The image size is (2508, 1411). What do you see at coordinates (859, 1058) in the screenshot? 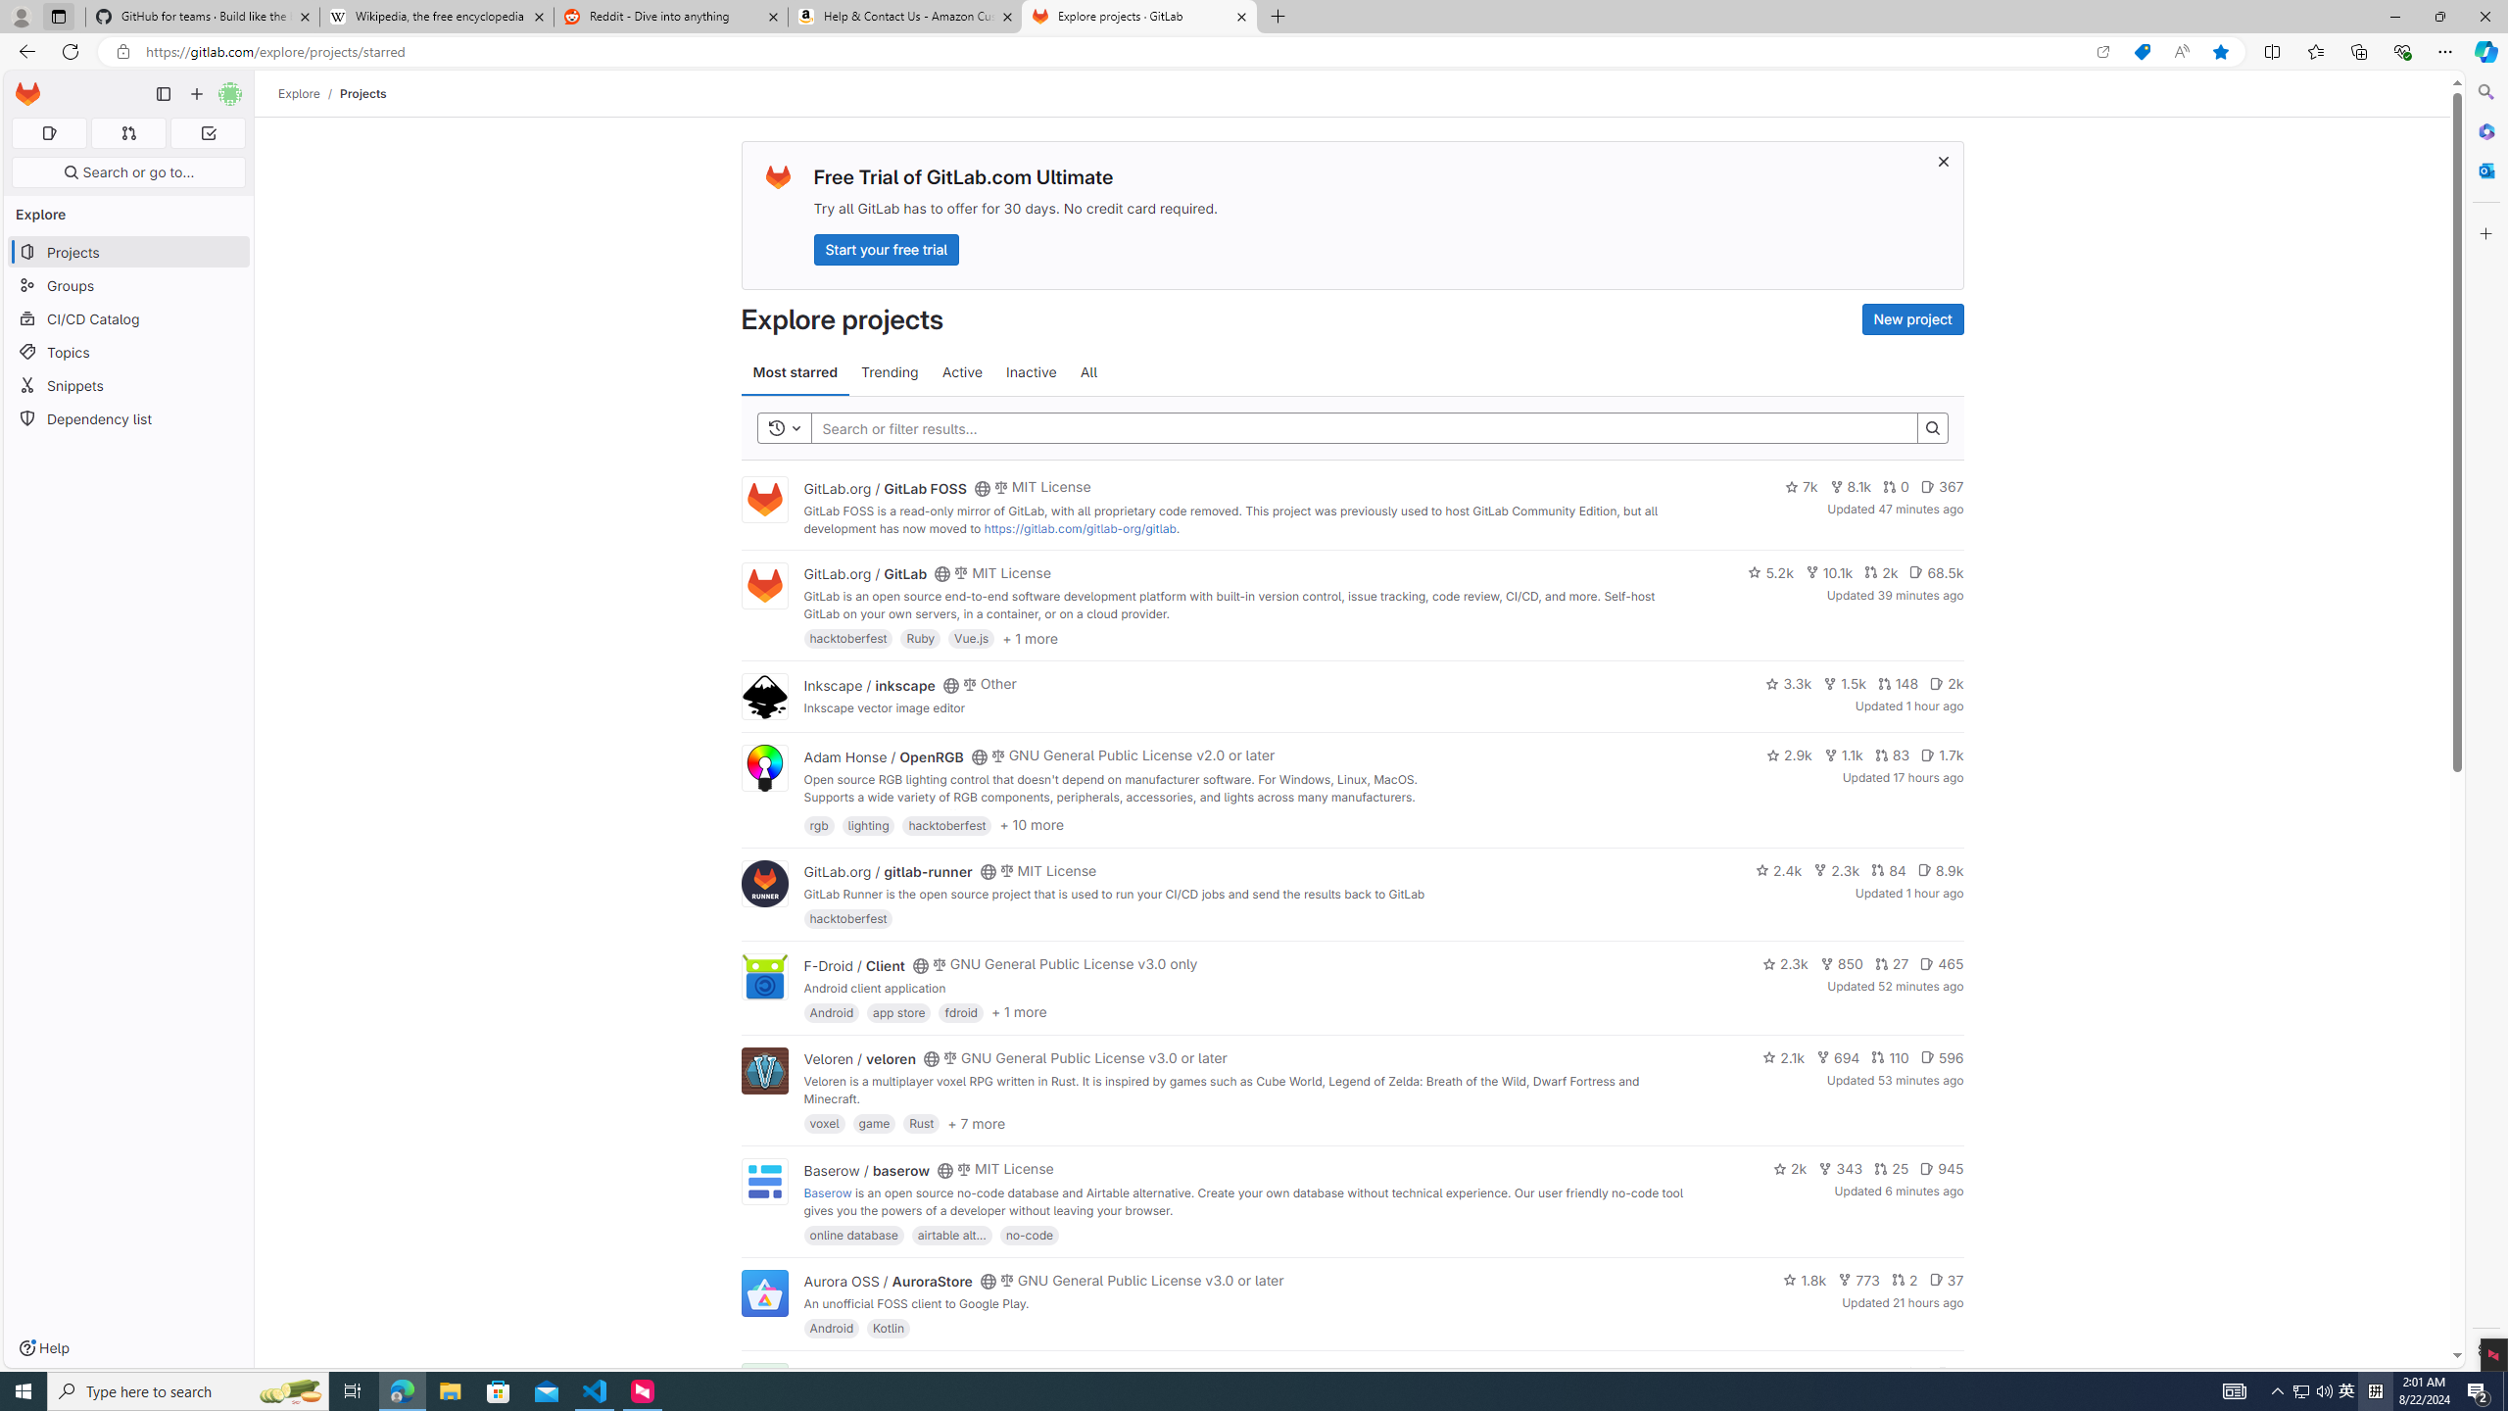
I see `'Veloren / veloren'` at bounding box center [859, 1058].